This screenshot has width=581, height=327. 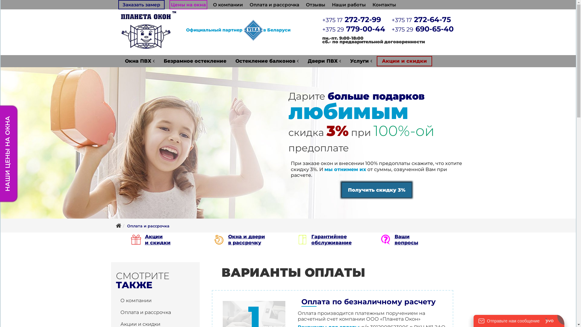 I want to click on '+375 17 272-64-75', so click(x=421, y=19).